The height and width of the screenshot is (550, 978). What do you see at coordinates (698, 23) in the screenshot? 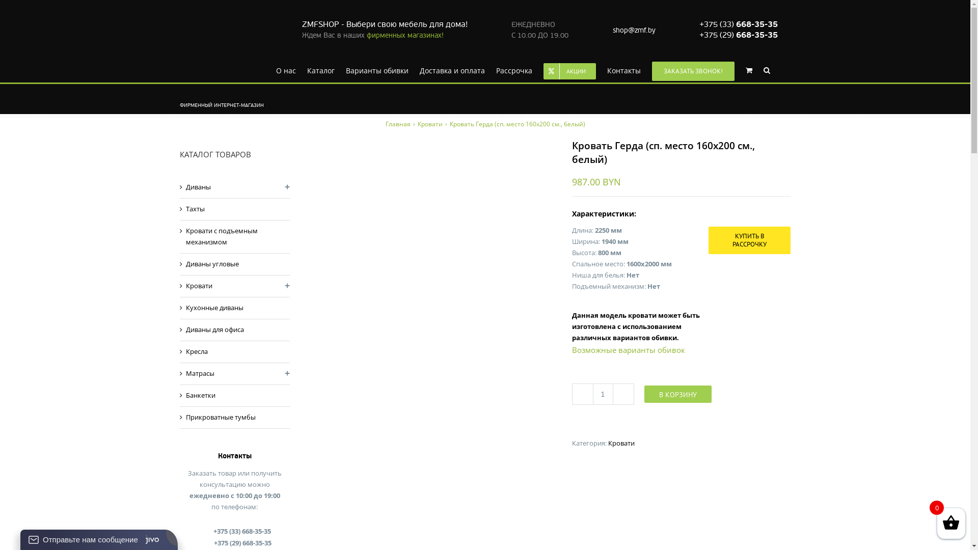
I see `'+375 (33) 668-35-35'` at bounding box center [698, 23].